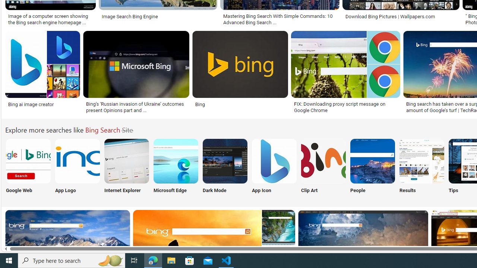 Image resolution: width=477 pixels, height=268 pixels. What do you see at coordinates (225, 167) in the screenshot?
I see `'Dark Mode'` at bounding box center [225, 167].